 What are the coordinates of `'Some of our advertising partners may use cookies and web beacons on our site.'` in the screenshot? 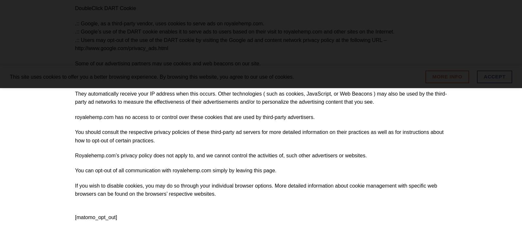 It's located at (75, 63).